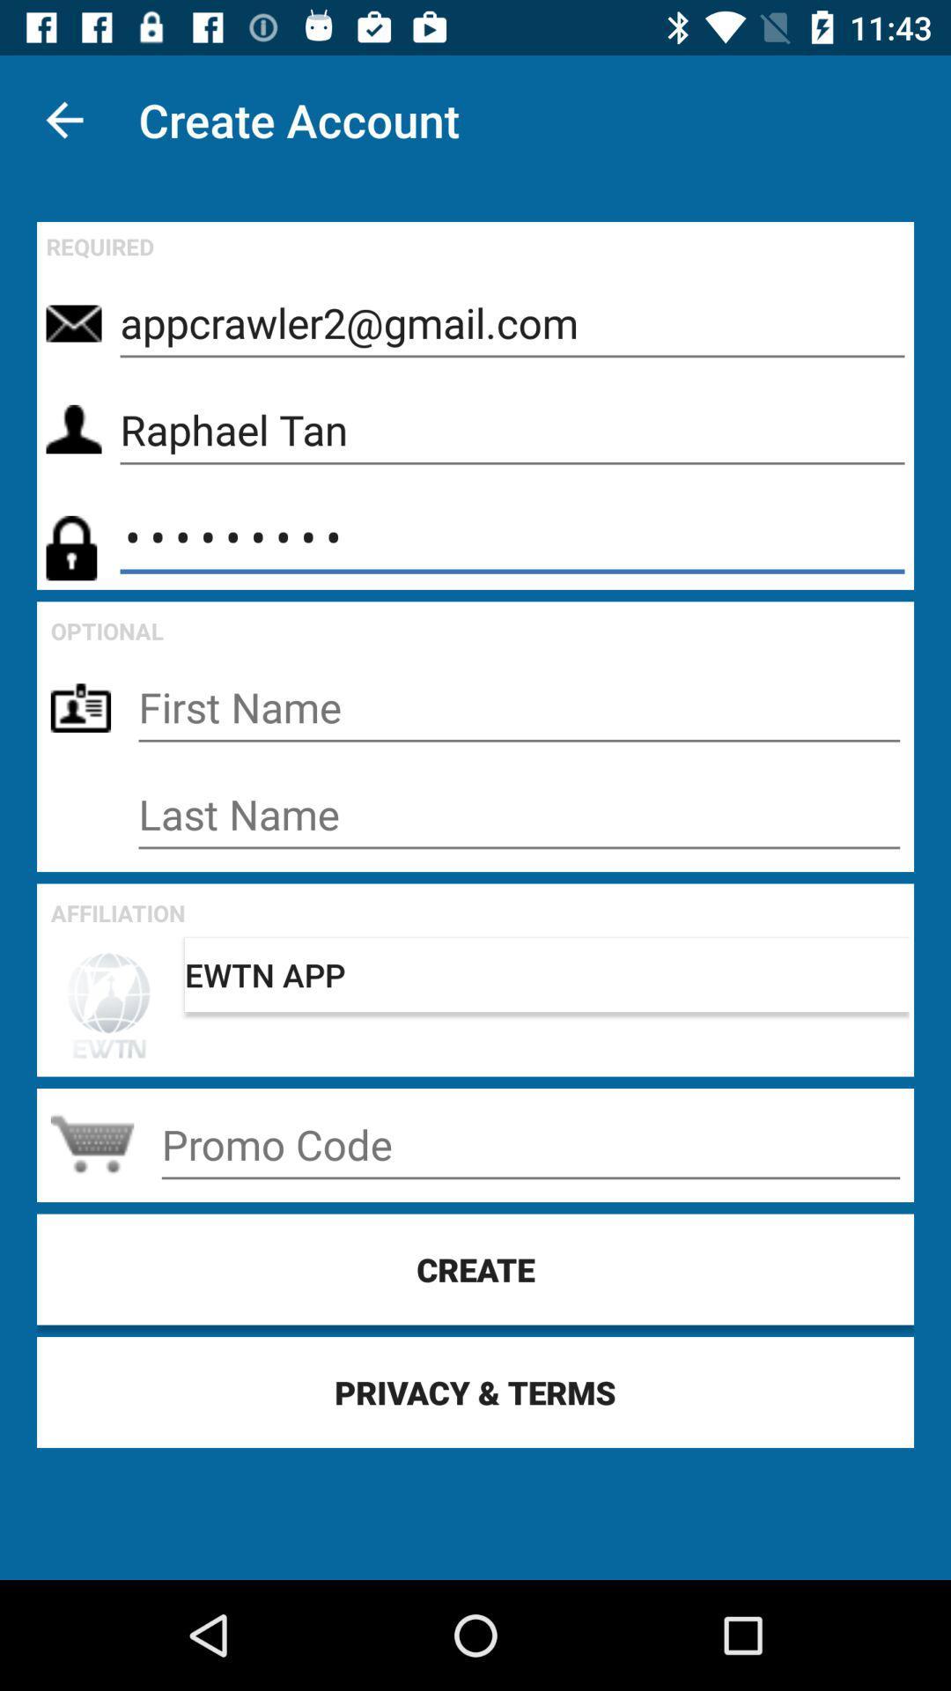 The width and height of the screenshot is (951, 1691). Describe the element at coordinates (518, 814) in the screenshot. I see `icon above affiliation icon` at that location.